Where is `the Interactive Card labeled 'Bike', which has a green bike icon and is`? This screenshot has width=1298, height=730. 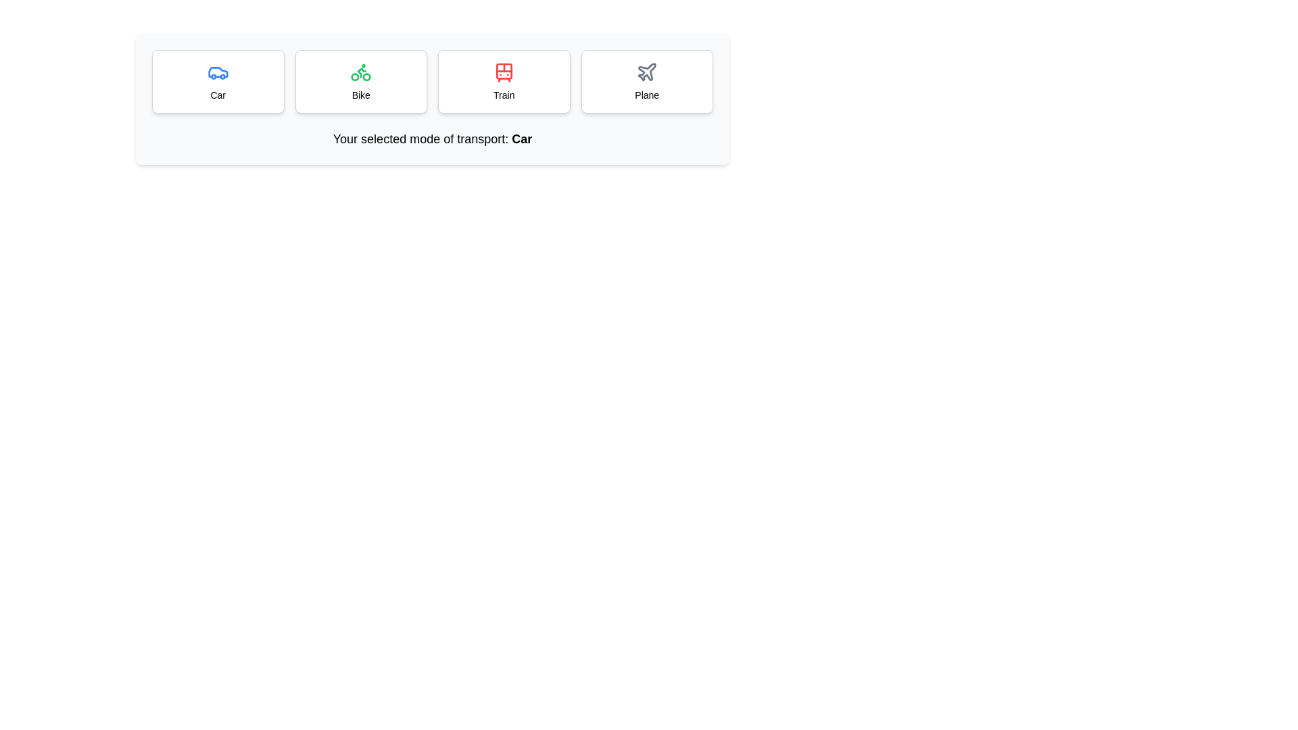 the Interactive Card labeled 'Bike', which has a green bike icon and is is located at coordinates (361, 81).